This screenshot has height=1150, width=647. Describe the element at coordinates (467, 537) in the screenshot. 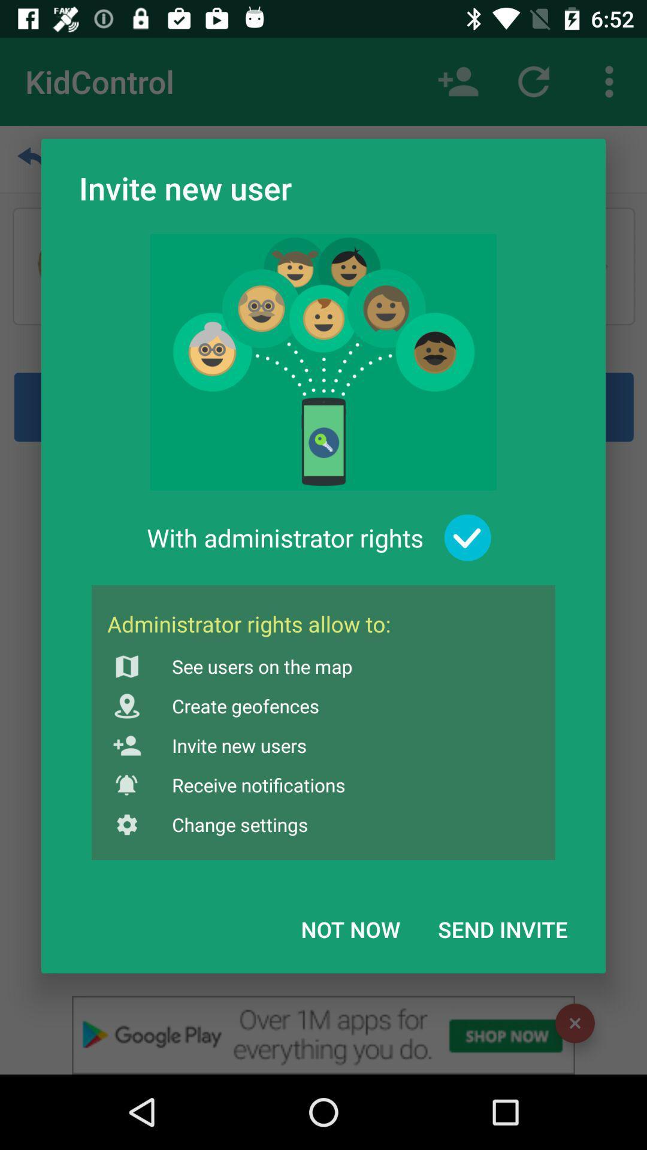

I see `the item to the right of the with administrator rights item` at that location.